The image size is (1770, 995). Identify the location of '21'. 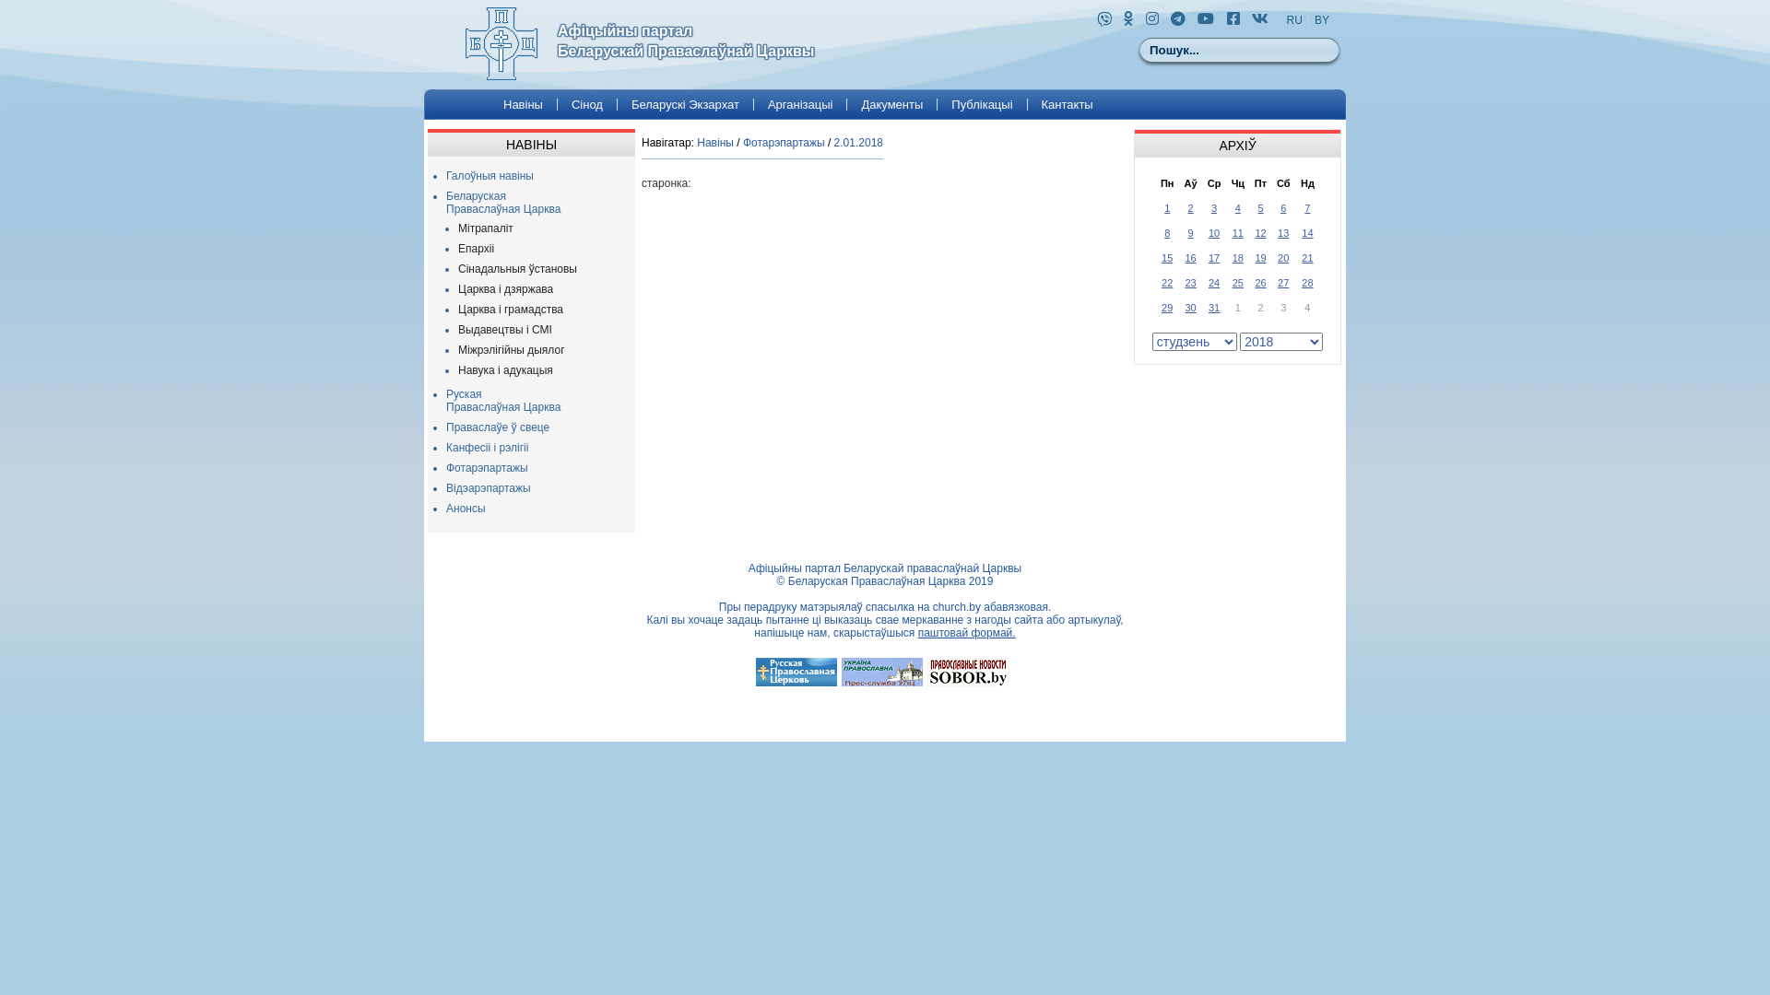
(1305, 258).